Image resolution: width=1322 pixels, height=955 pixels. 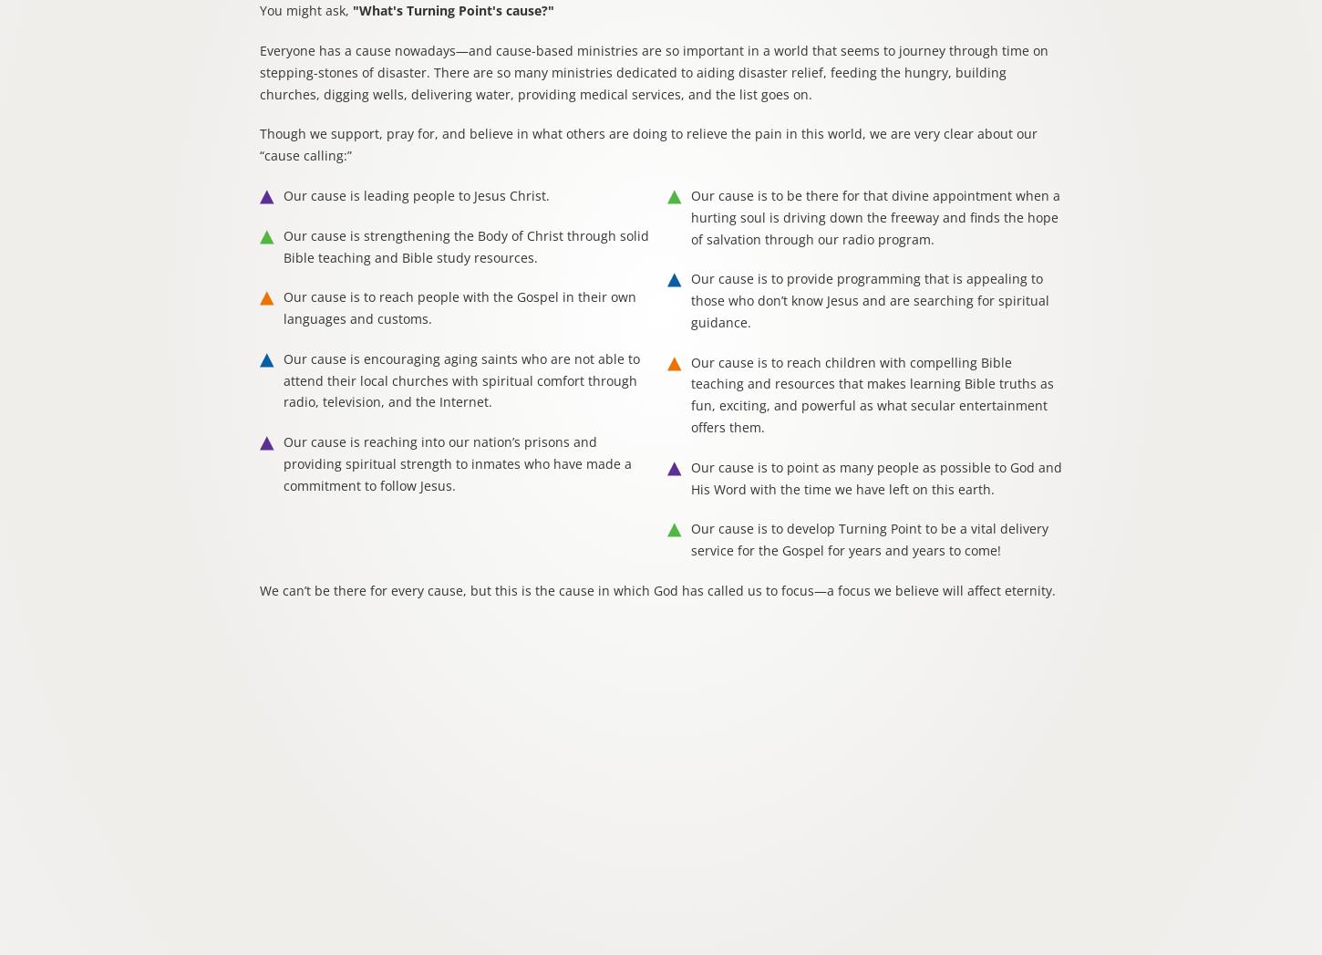 I want to click on 'Our cause is reaching into our nation’s prisons and providing spiritual strength to inmates who have made a commitment to follow Jesus.', so click(x=457, y=462).